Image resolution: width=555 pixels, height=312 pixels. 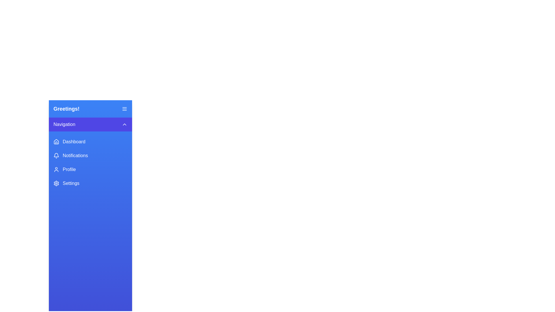 What do you see at coordinates (56, 183) in the screenshot?
I see `the gear-shaped icon in the sidebar navigation menu, which represents the settings functionality and is located to the left of the 'Settings' menu item text` at bounding box center [56, 183].